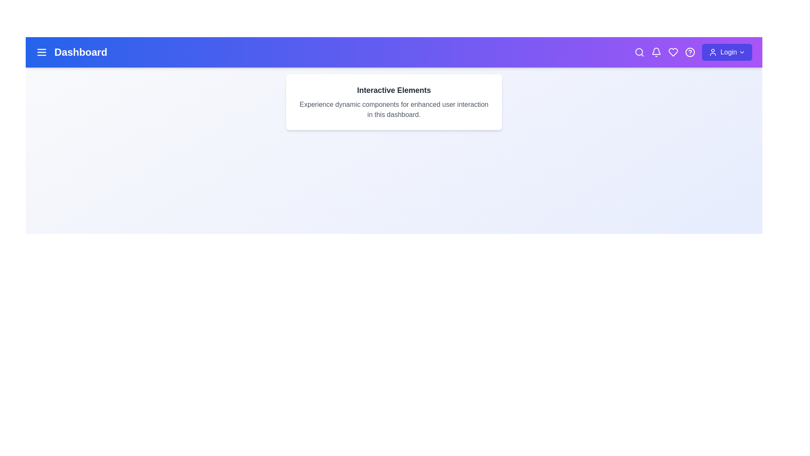 This screenshot has width=810, height=456. I want to click on the menu icon to toggle the main menu visibility, so click(41, 52).